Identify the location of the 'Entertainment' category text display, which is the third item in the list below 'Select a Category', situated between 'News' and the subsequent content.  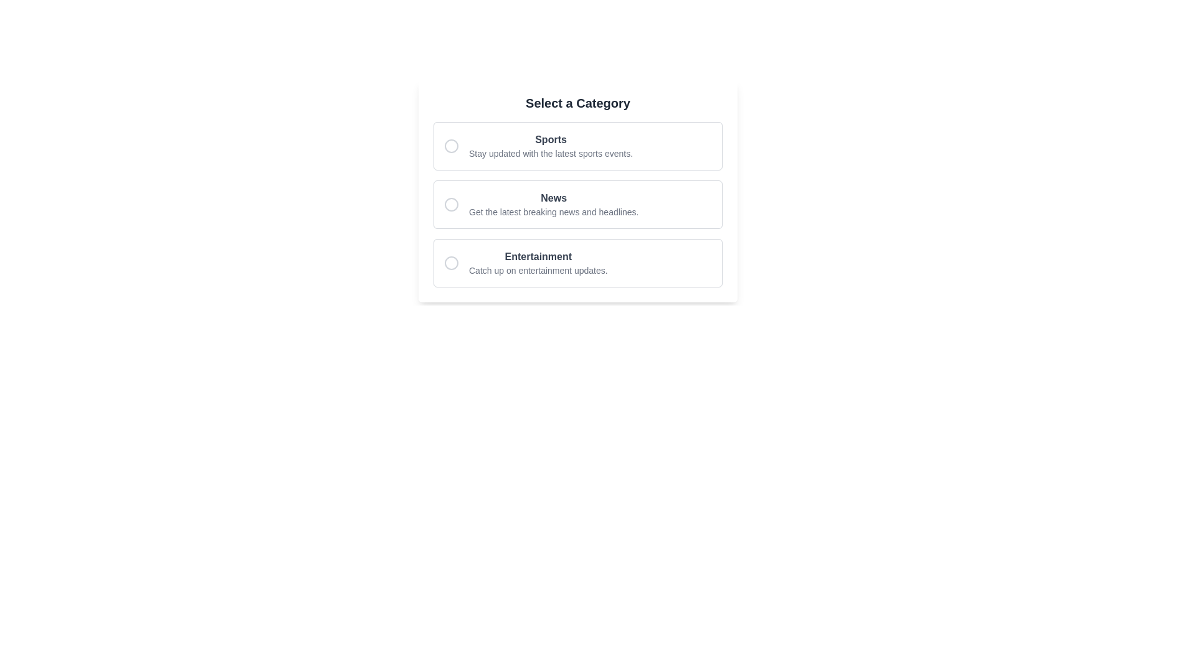
(538, 263).